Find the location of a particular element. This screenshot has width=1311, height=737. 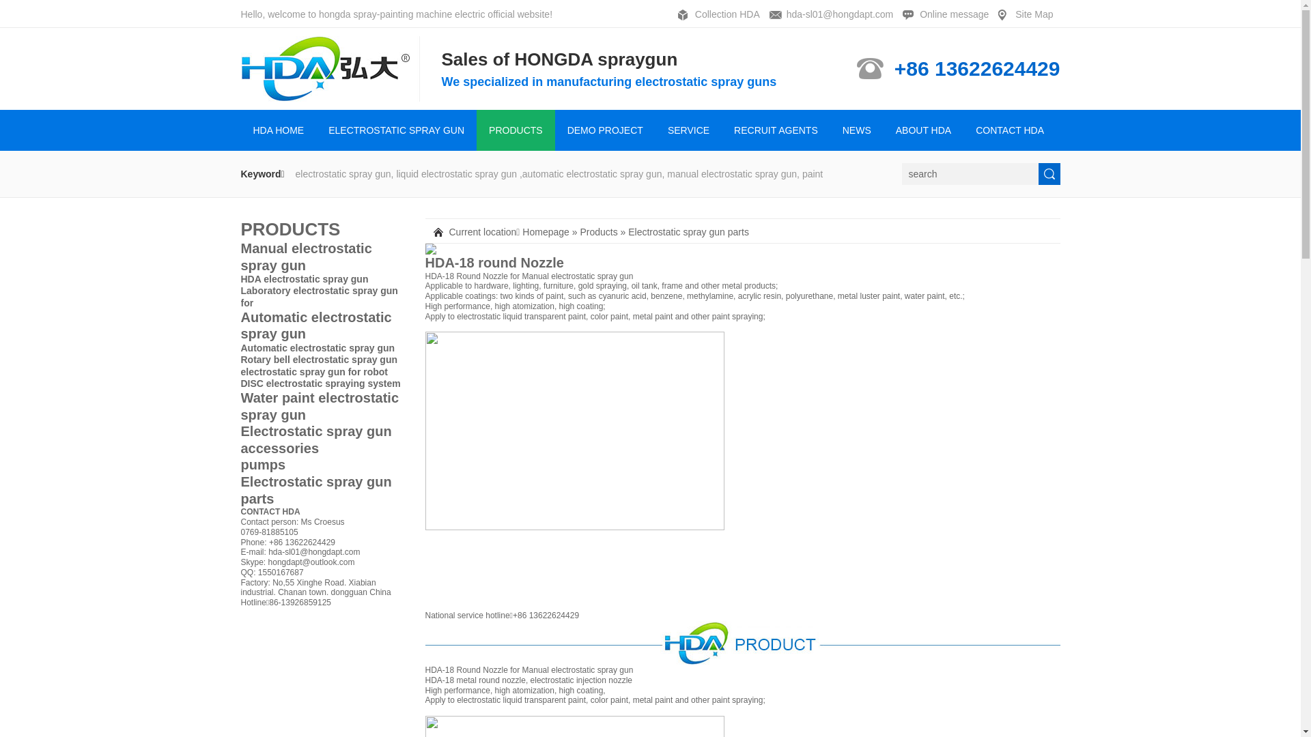

'Rotary bell electrostatic spray gun' is located at coordinates (318, 359).